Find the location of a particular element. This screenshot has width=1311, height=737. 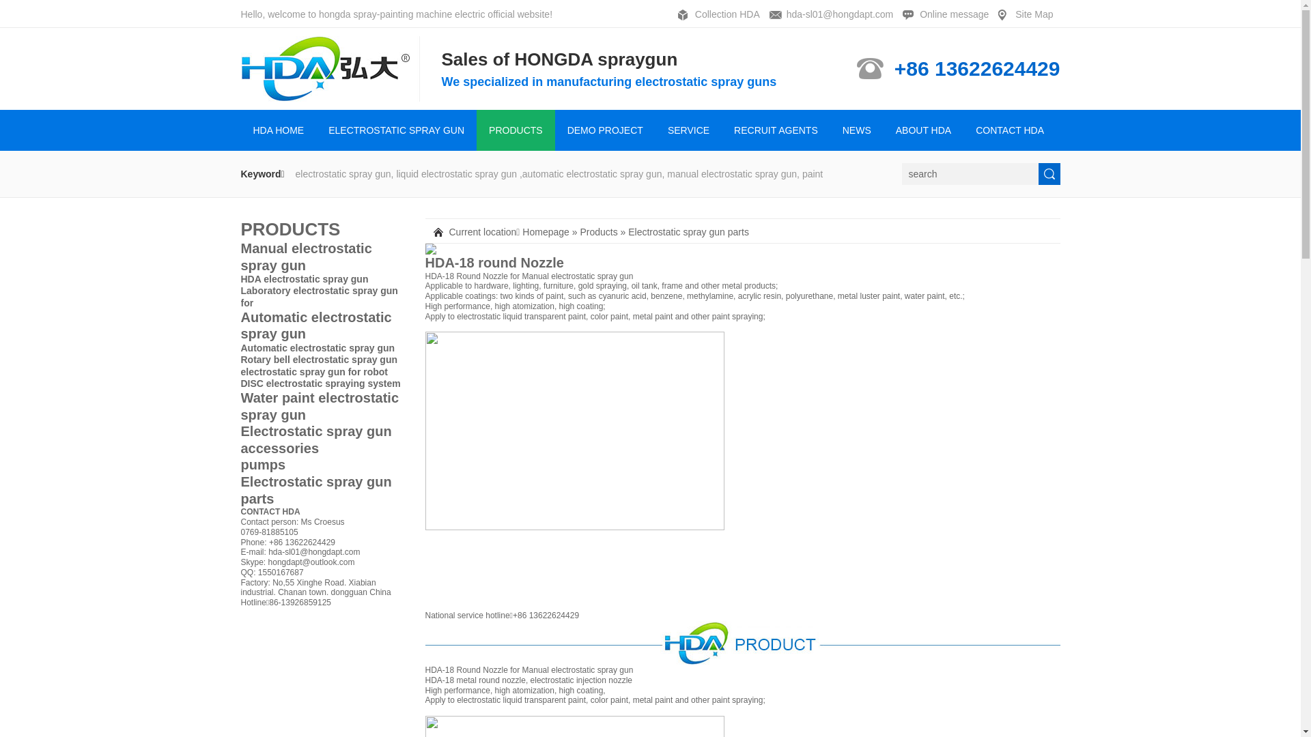

'Rotary bell electrostatic spray gun' is located at coordinates (318, 359).